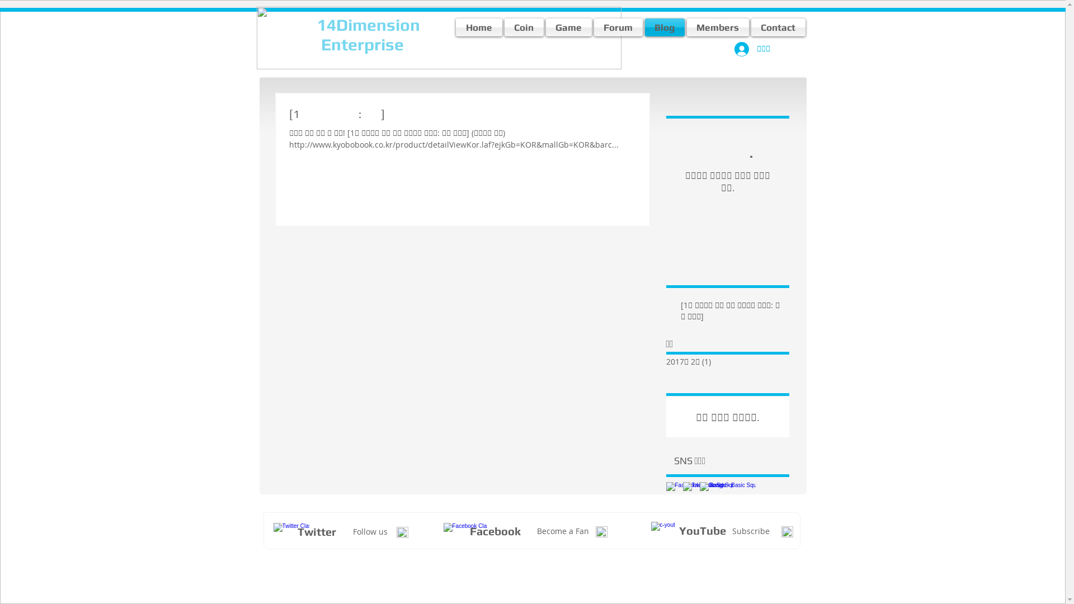  Describe the element at coordinates (523, 27) in the screenshot. I see `'Coin'` at that location.